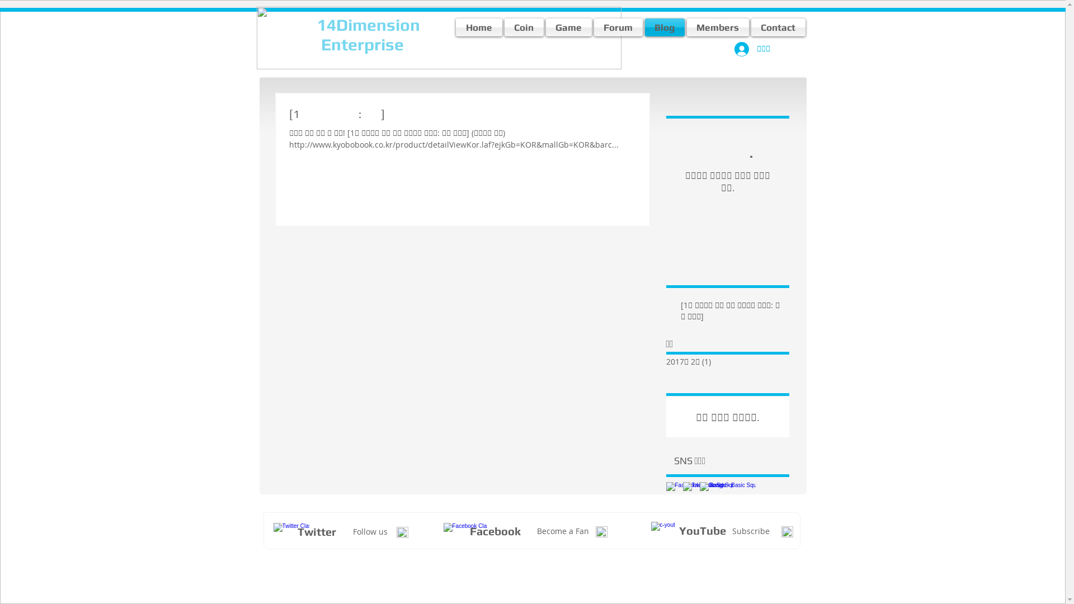  Describe the element at coordinates (523, 27) in the screenshot. I see `'Coin'` at that location.